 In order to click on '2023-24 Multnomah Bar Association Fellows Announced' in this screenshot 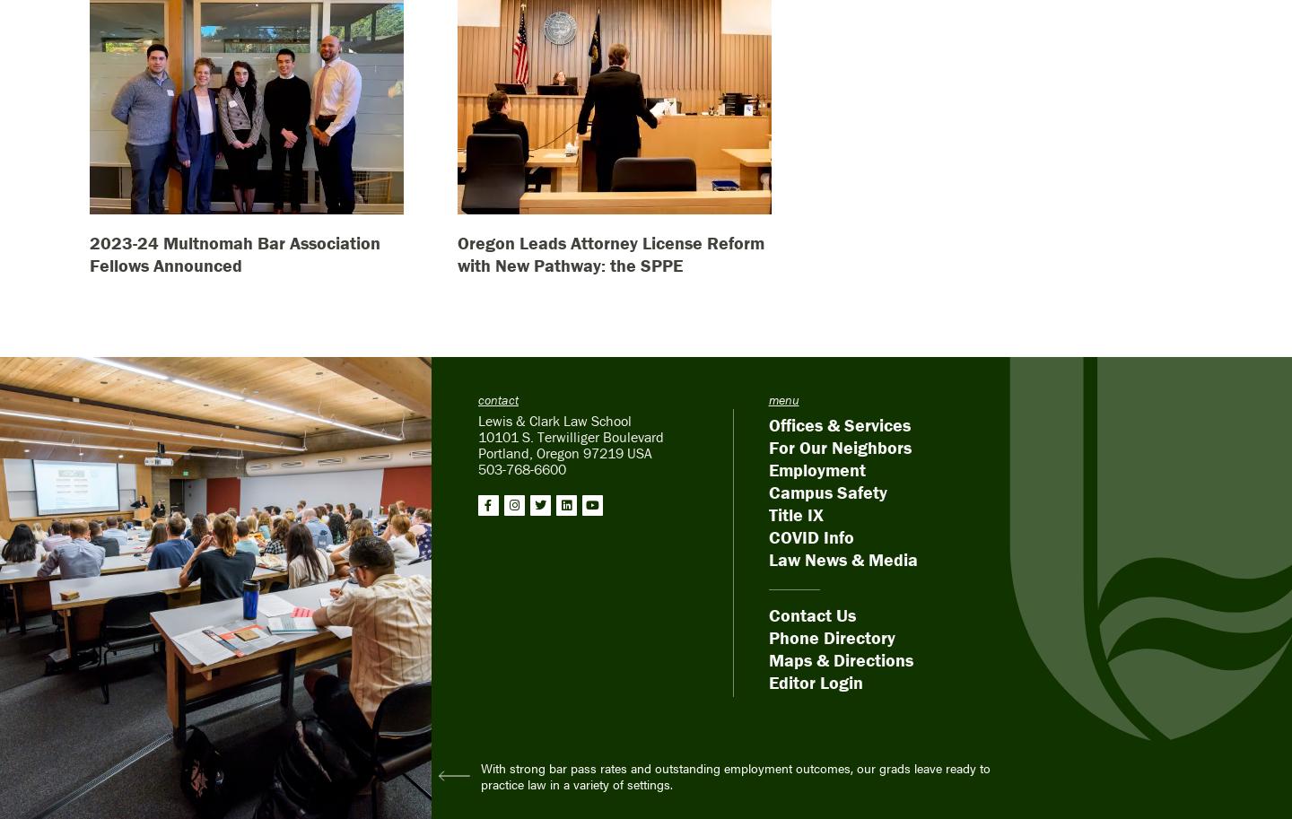, I will do `click(89, 253)`.